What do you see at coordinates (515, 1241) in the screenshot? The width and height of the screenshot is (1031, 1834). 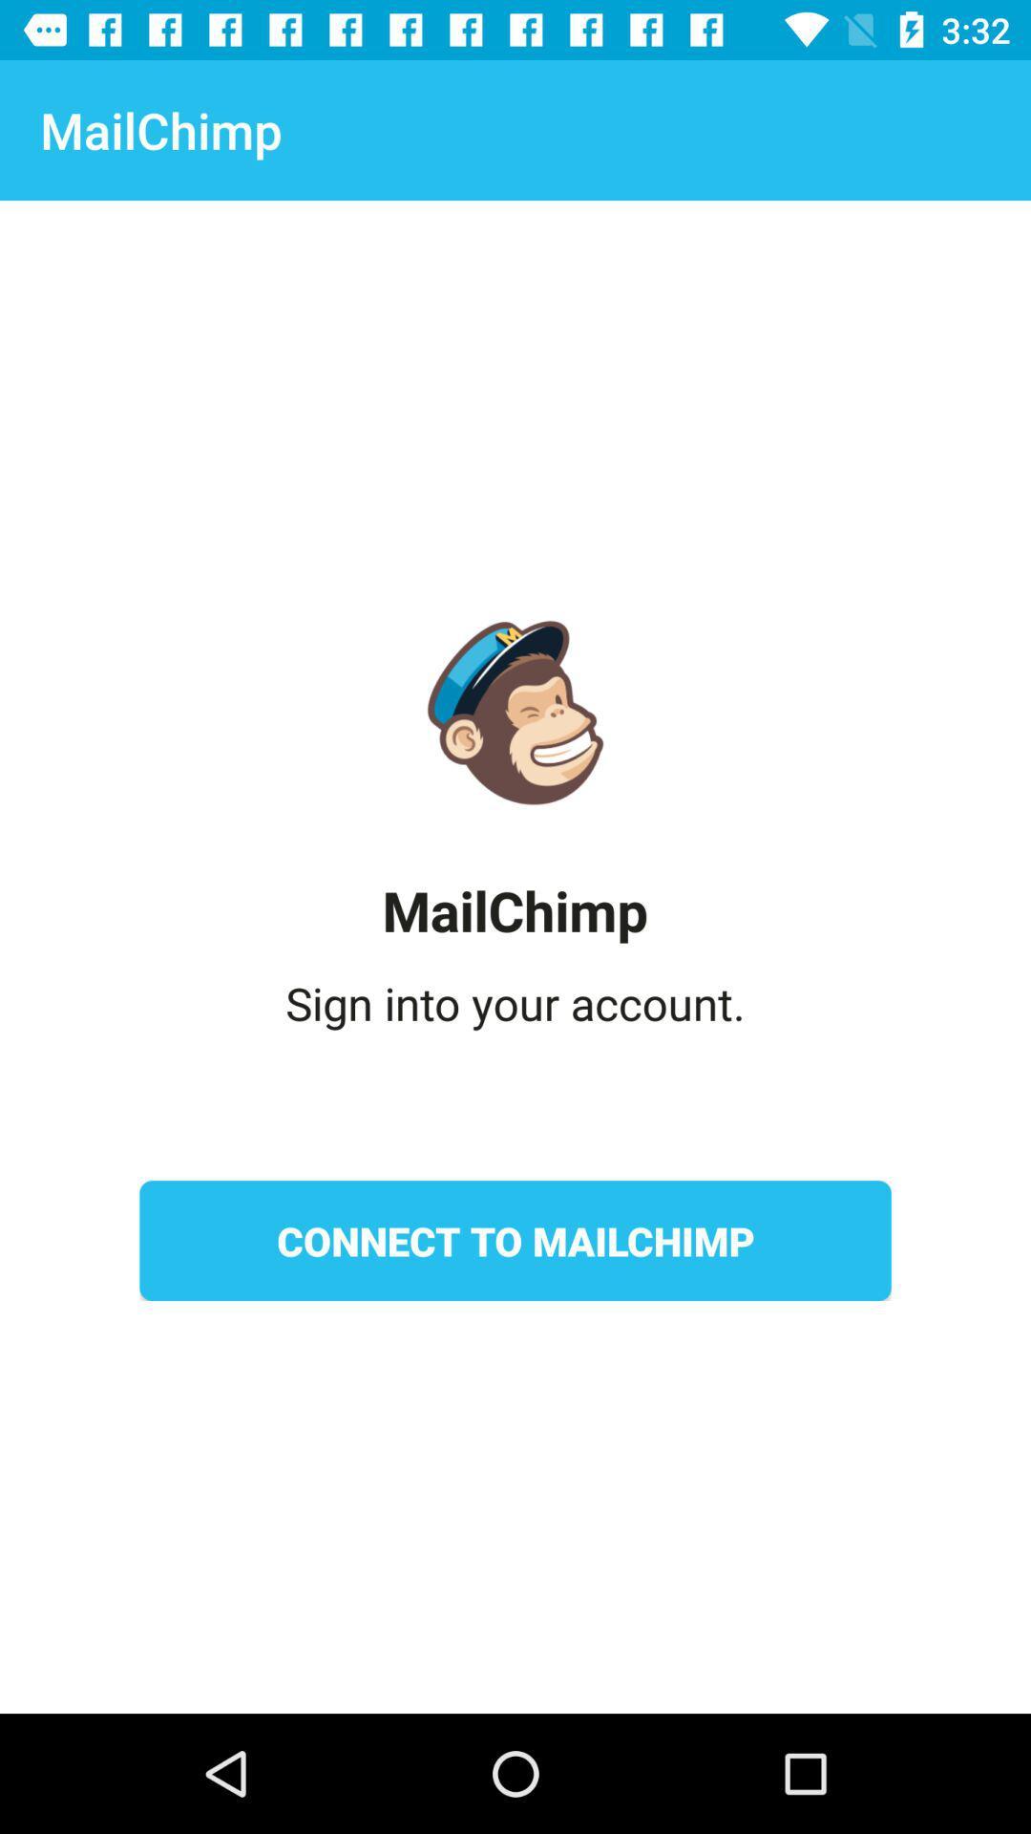 I see `the connect to mailchimp item` at bounding box center [515, 1241].